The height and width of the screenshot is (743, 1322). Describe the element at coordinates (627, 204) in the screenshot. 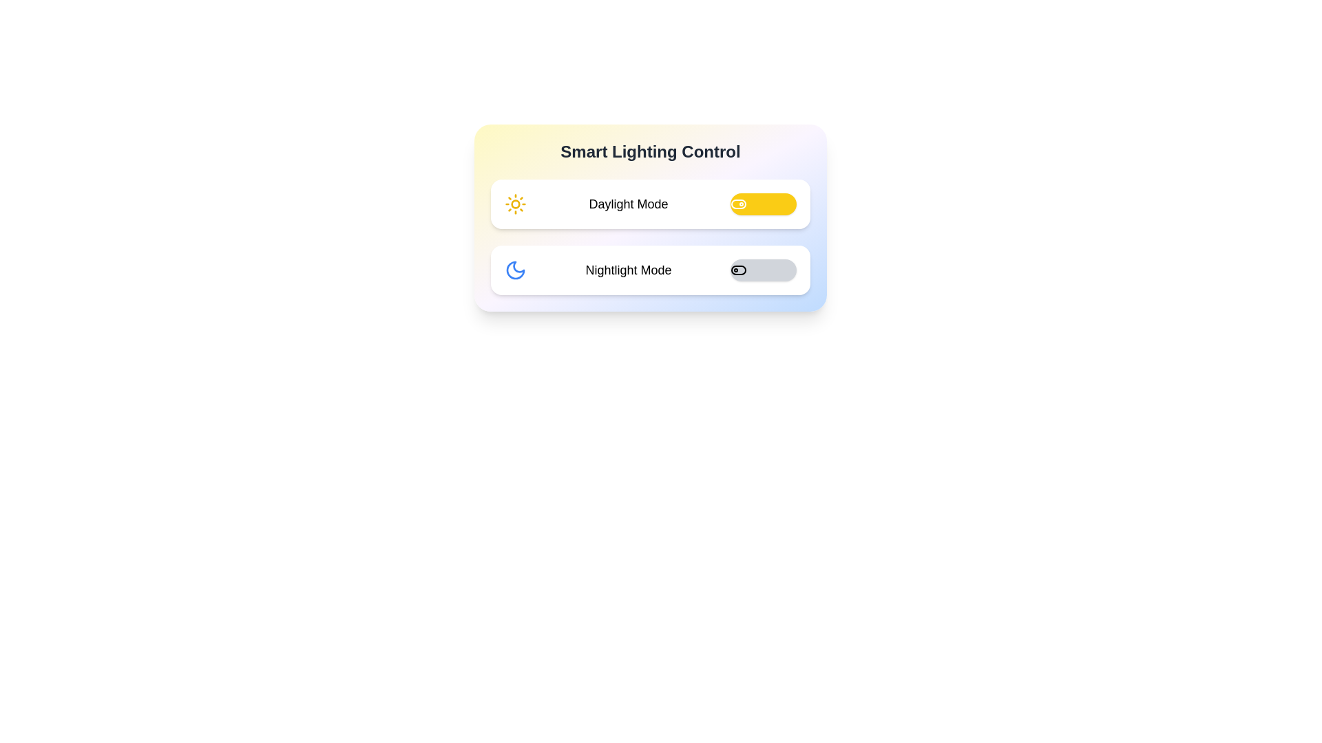

I see `the 'Daylight Mode' text label, which is centrally aligned within the 'Smart Lighting Control' card, located between a sun icon and a toggle switch` at that location.